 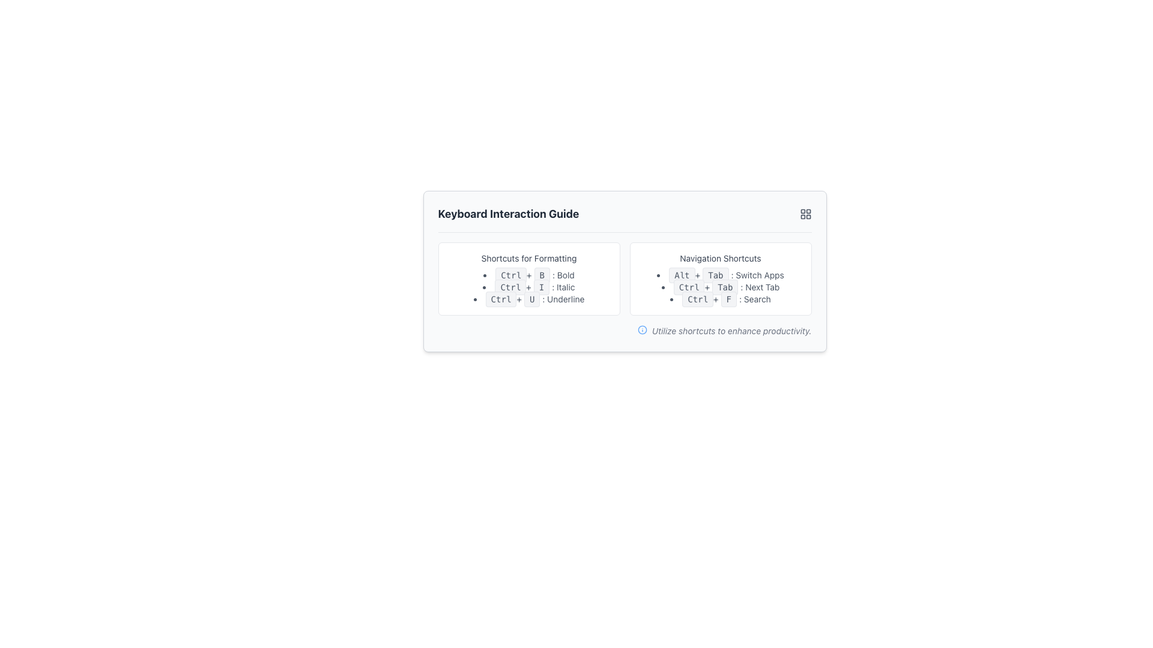 What do you see at coordinates (531, 298) in the screenshot?
I see `the small, rectangular button with rounded corners labeled 'U', which is located in the 'Keyboard Interaction Guide' under 'Shortcuts for Formatting'. This button is the last in a row of shortcut keys for the 'Ctrl+U: Underline' action` at bounding box center [531, 298].